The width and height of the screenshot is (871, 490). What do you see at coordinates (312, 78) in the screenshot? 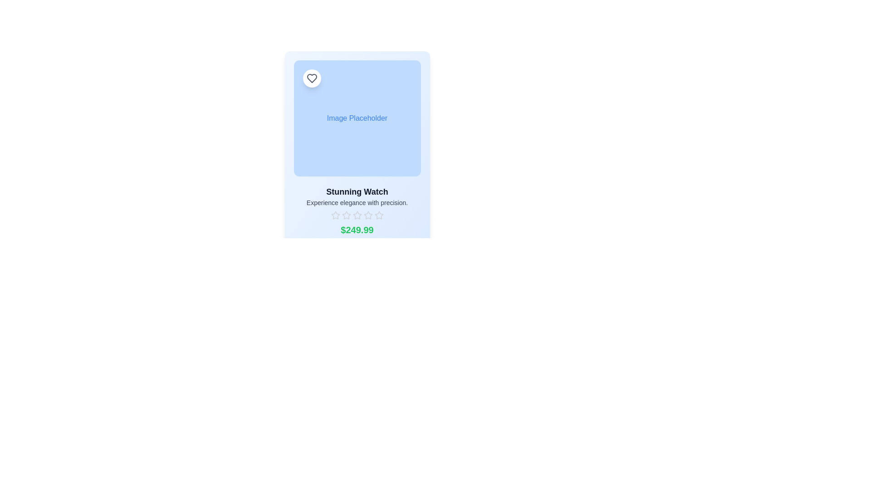
I see `the 'like' button located at the top-left corner of the image placeholder area to mark the item as liked` at bounding box center [312, 78].